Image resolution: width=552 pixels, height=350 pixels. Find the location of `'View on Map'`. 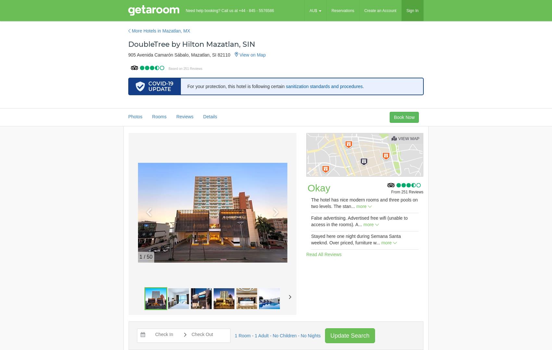

'View on Map' is located at coordinates (251, 54).